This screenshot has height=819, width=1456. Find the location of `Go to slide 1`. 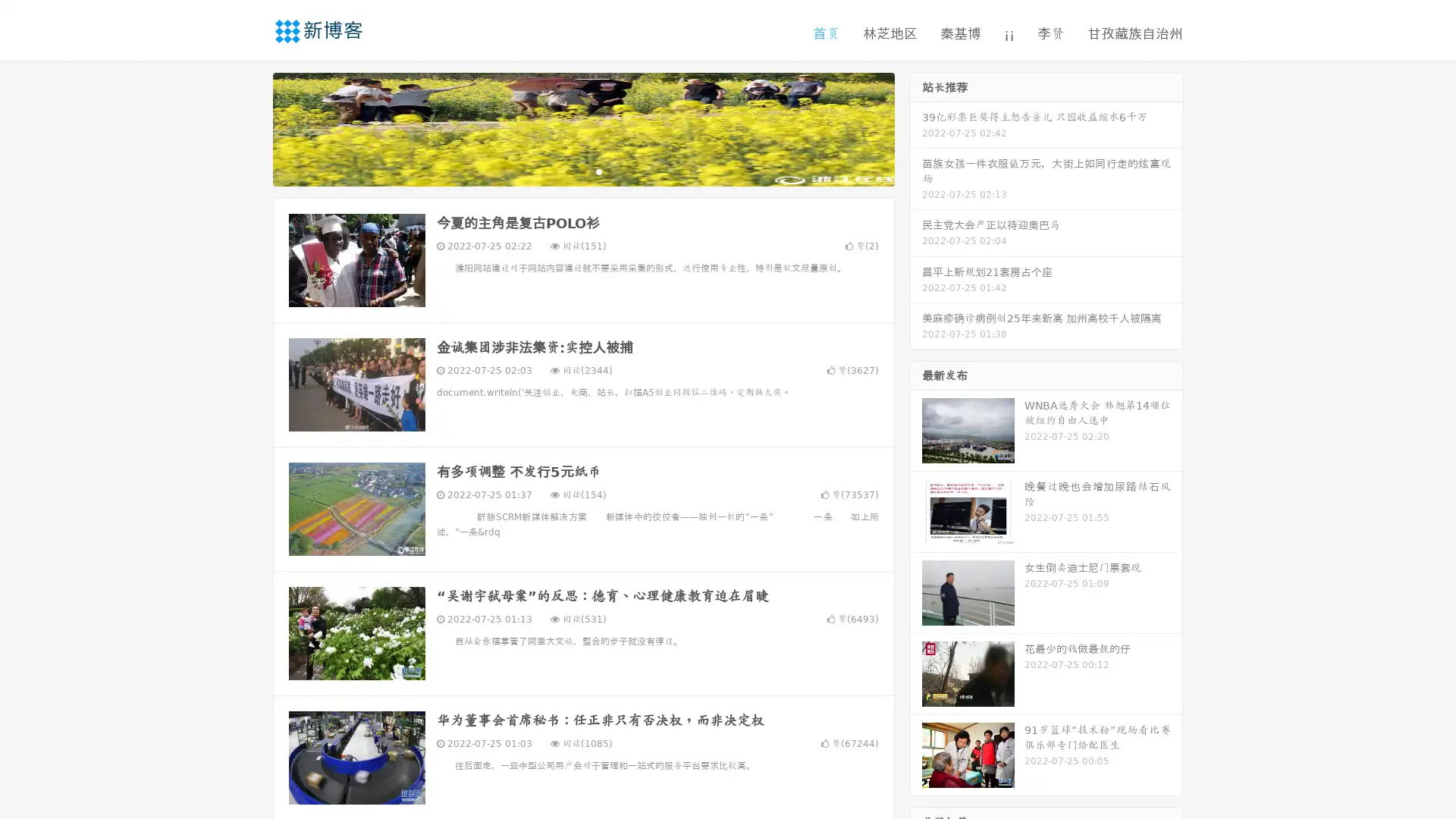

Go to slide 1 is located at coordinates (567, 171).